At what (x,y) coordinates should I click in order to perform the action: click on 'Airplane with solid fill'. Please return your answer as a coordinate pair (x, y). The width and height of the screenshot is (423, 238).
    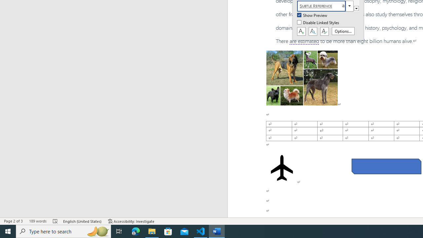
    Looking at the image, I should click on (282, 167).